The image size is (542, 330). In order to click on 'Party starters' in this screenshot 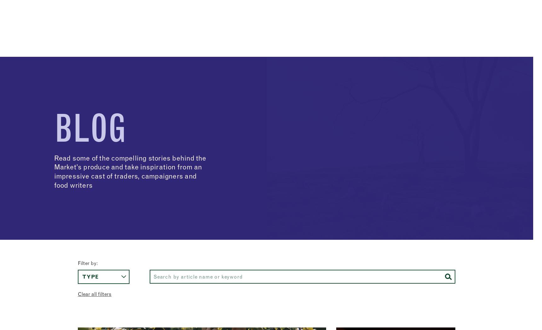, I will do `click(360, 224)`.